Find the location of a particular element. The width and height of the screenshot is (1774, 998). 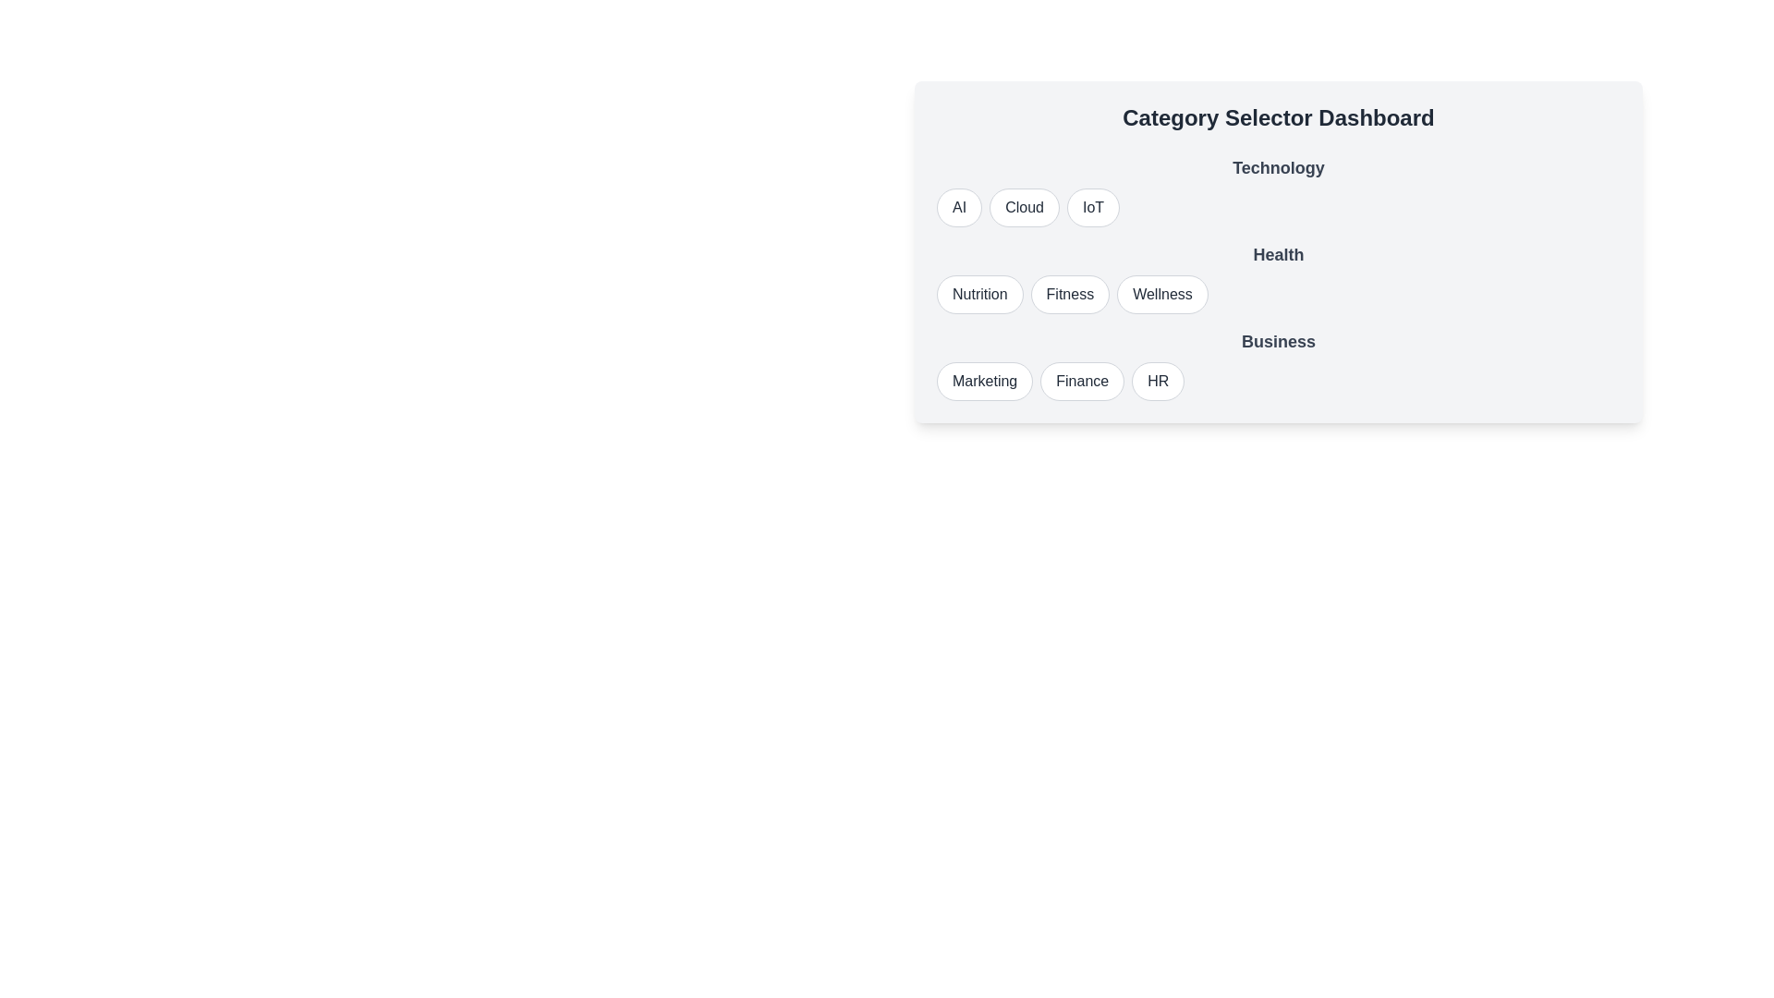

the button labeled HR to observe its visual change is located at coordinates (1156, 380).